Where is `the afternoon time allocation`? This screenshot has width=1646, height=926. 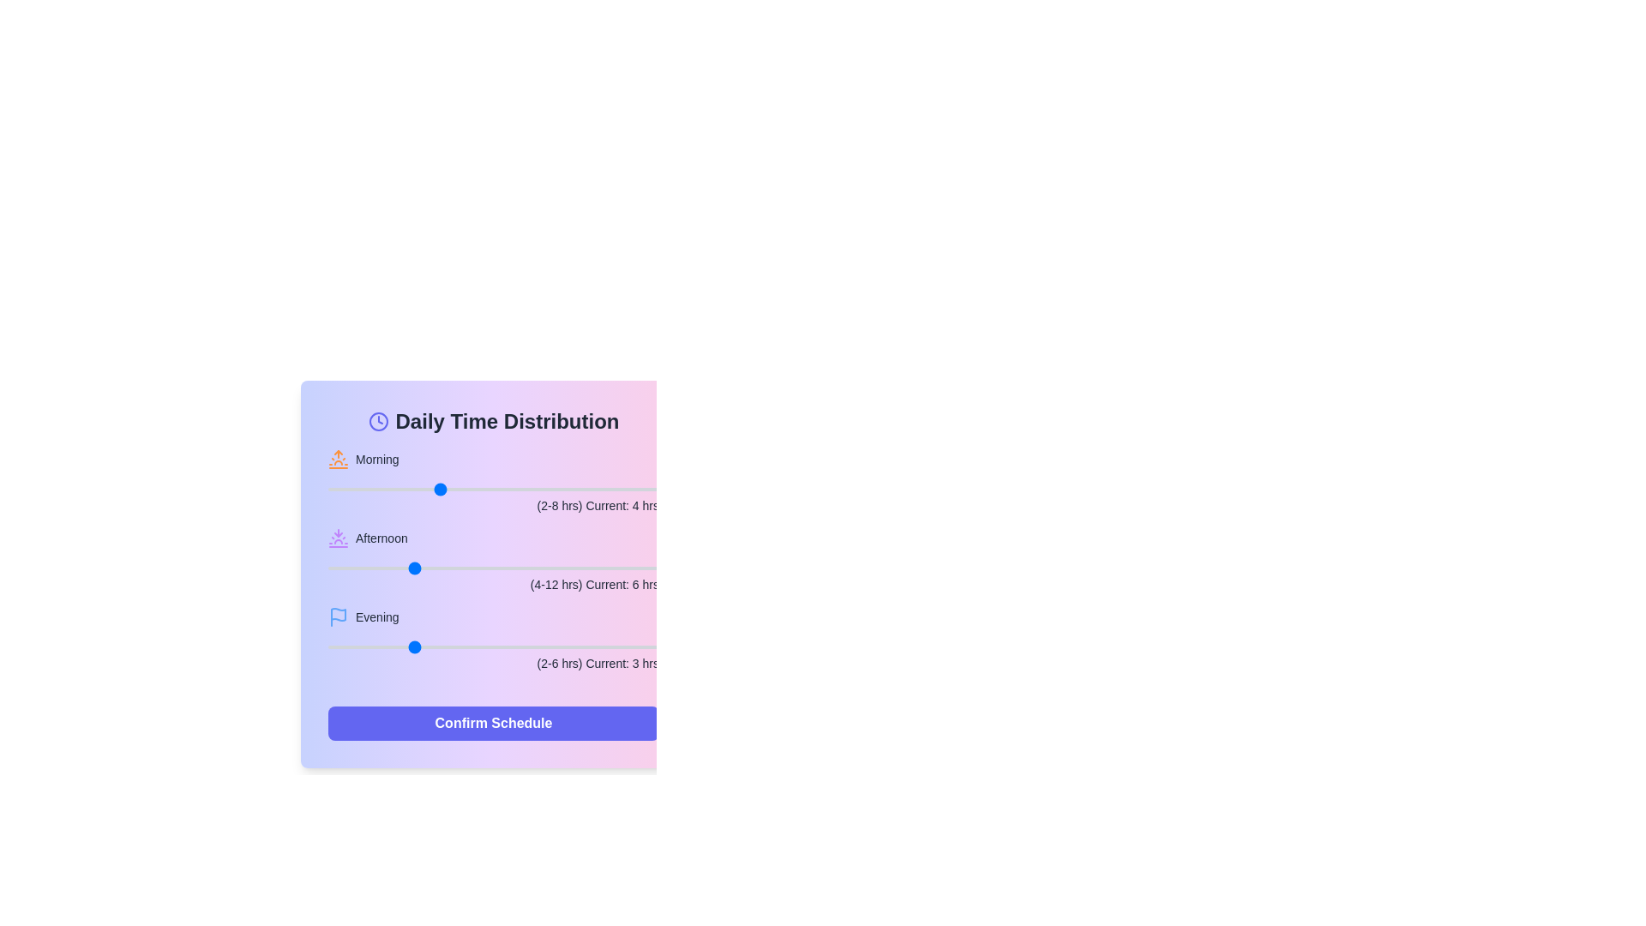 the afternoon time allocation is located at coordinates (617, 568).